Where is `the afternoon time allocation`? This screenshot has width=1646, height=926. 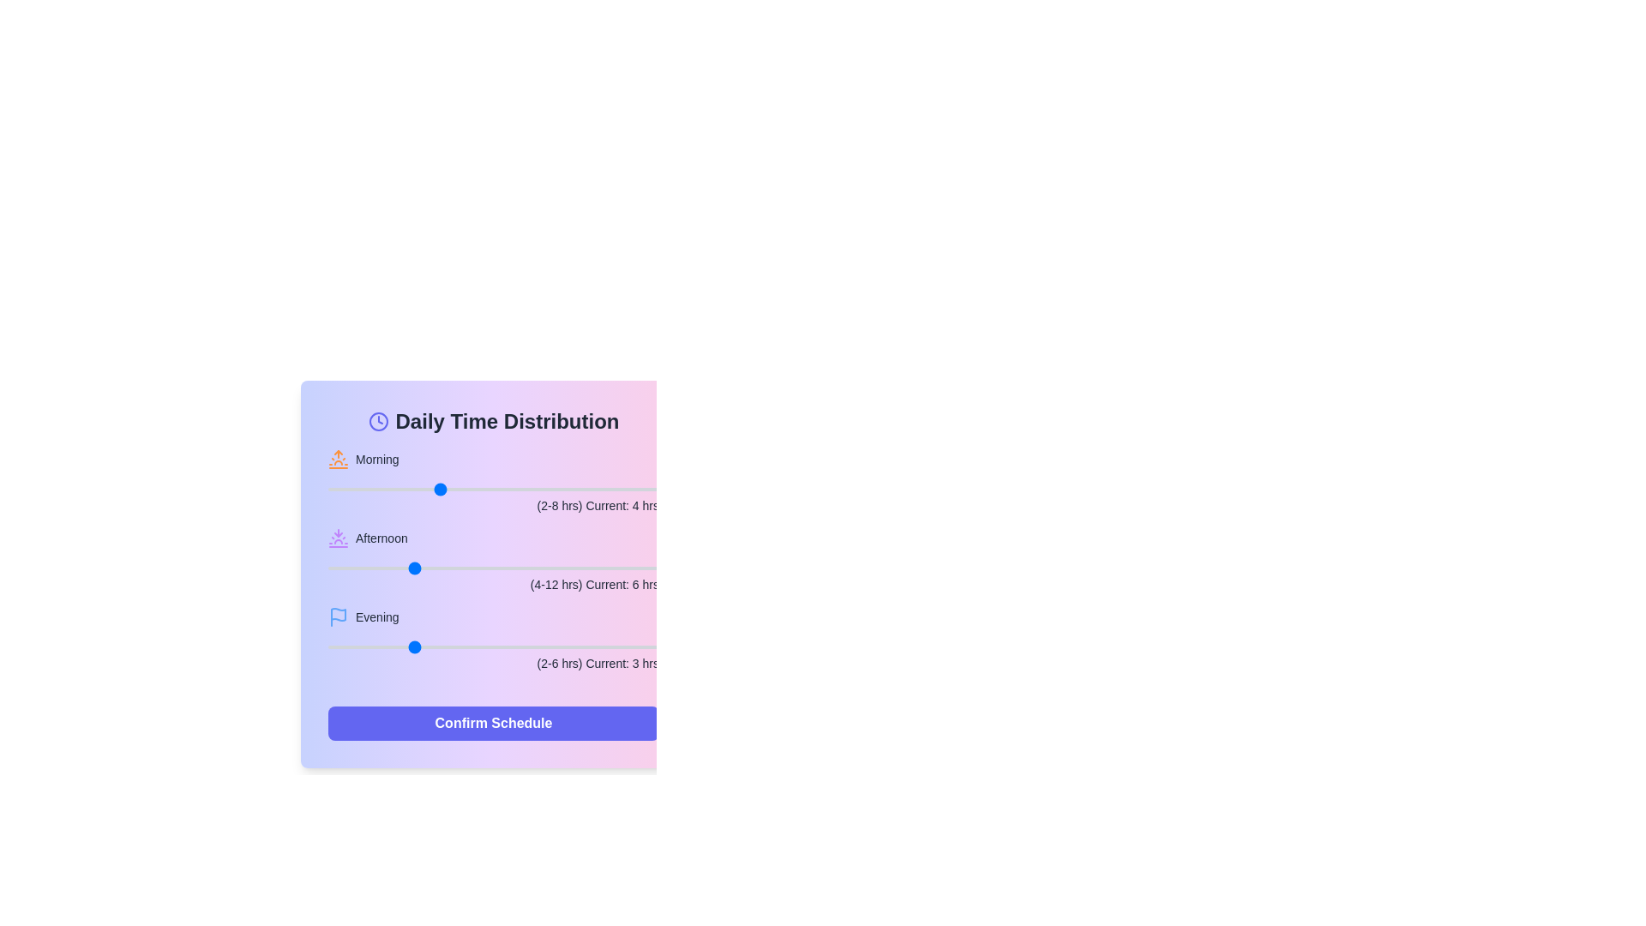 the afternoon time allocation is located at coordinates (617, 568).